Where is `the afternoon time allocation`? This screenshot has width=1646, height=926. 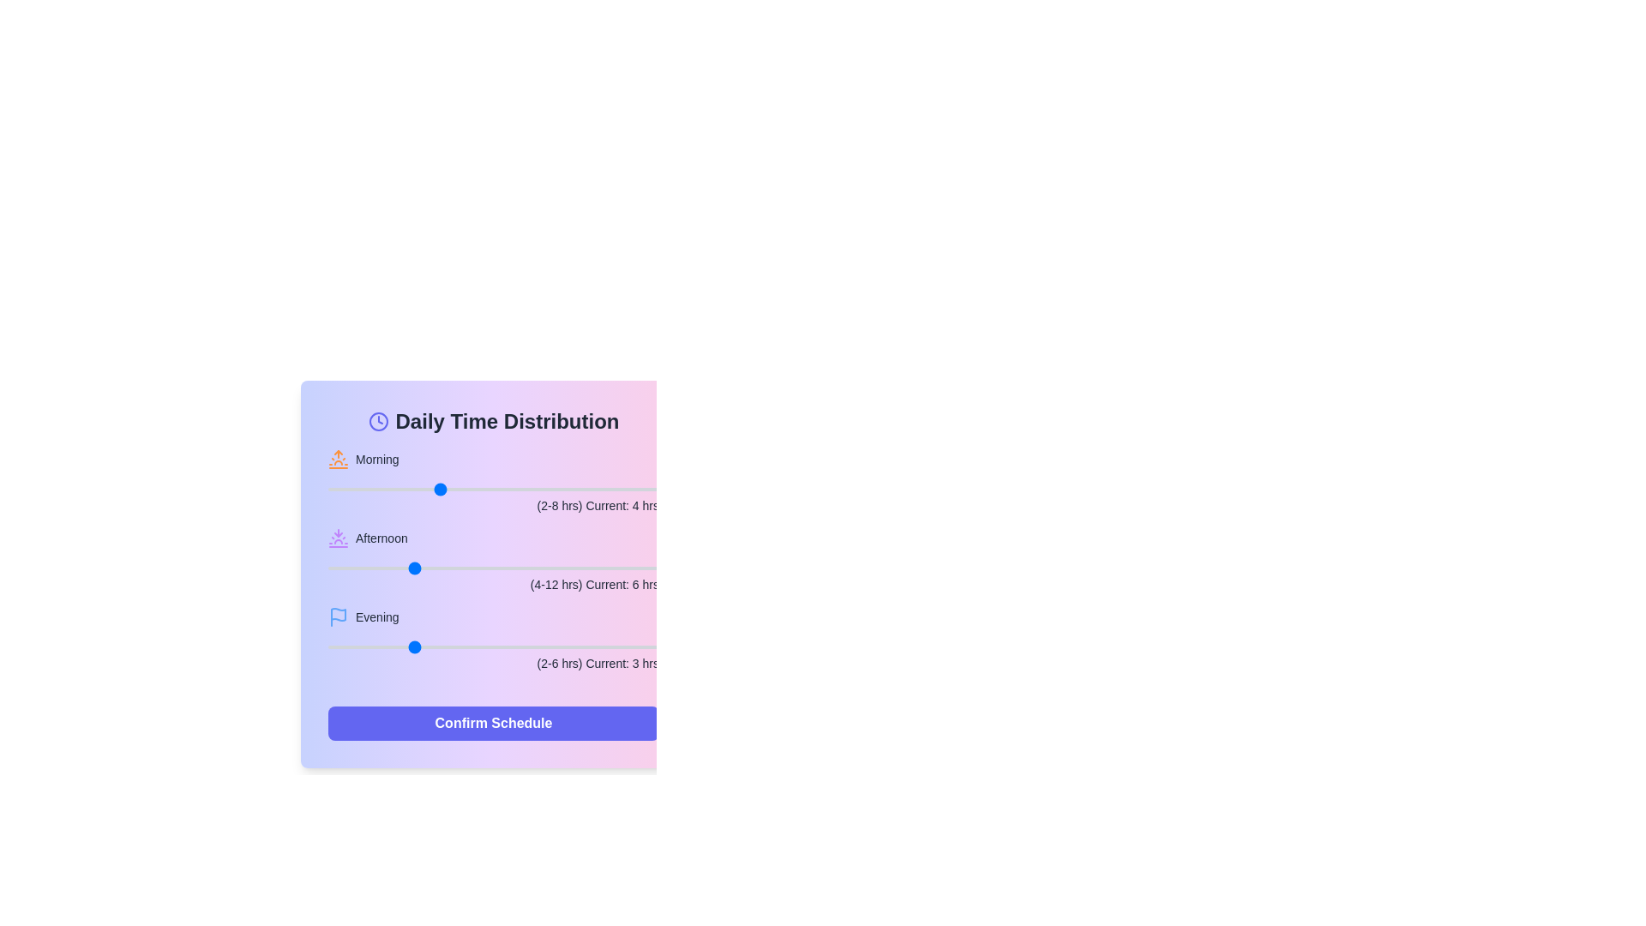 the afternoon time allocation is located at coordinates (617, 568).